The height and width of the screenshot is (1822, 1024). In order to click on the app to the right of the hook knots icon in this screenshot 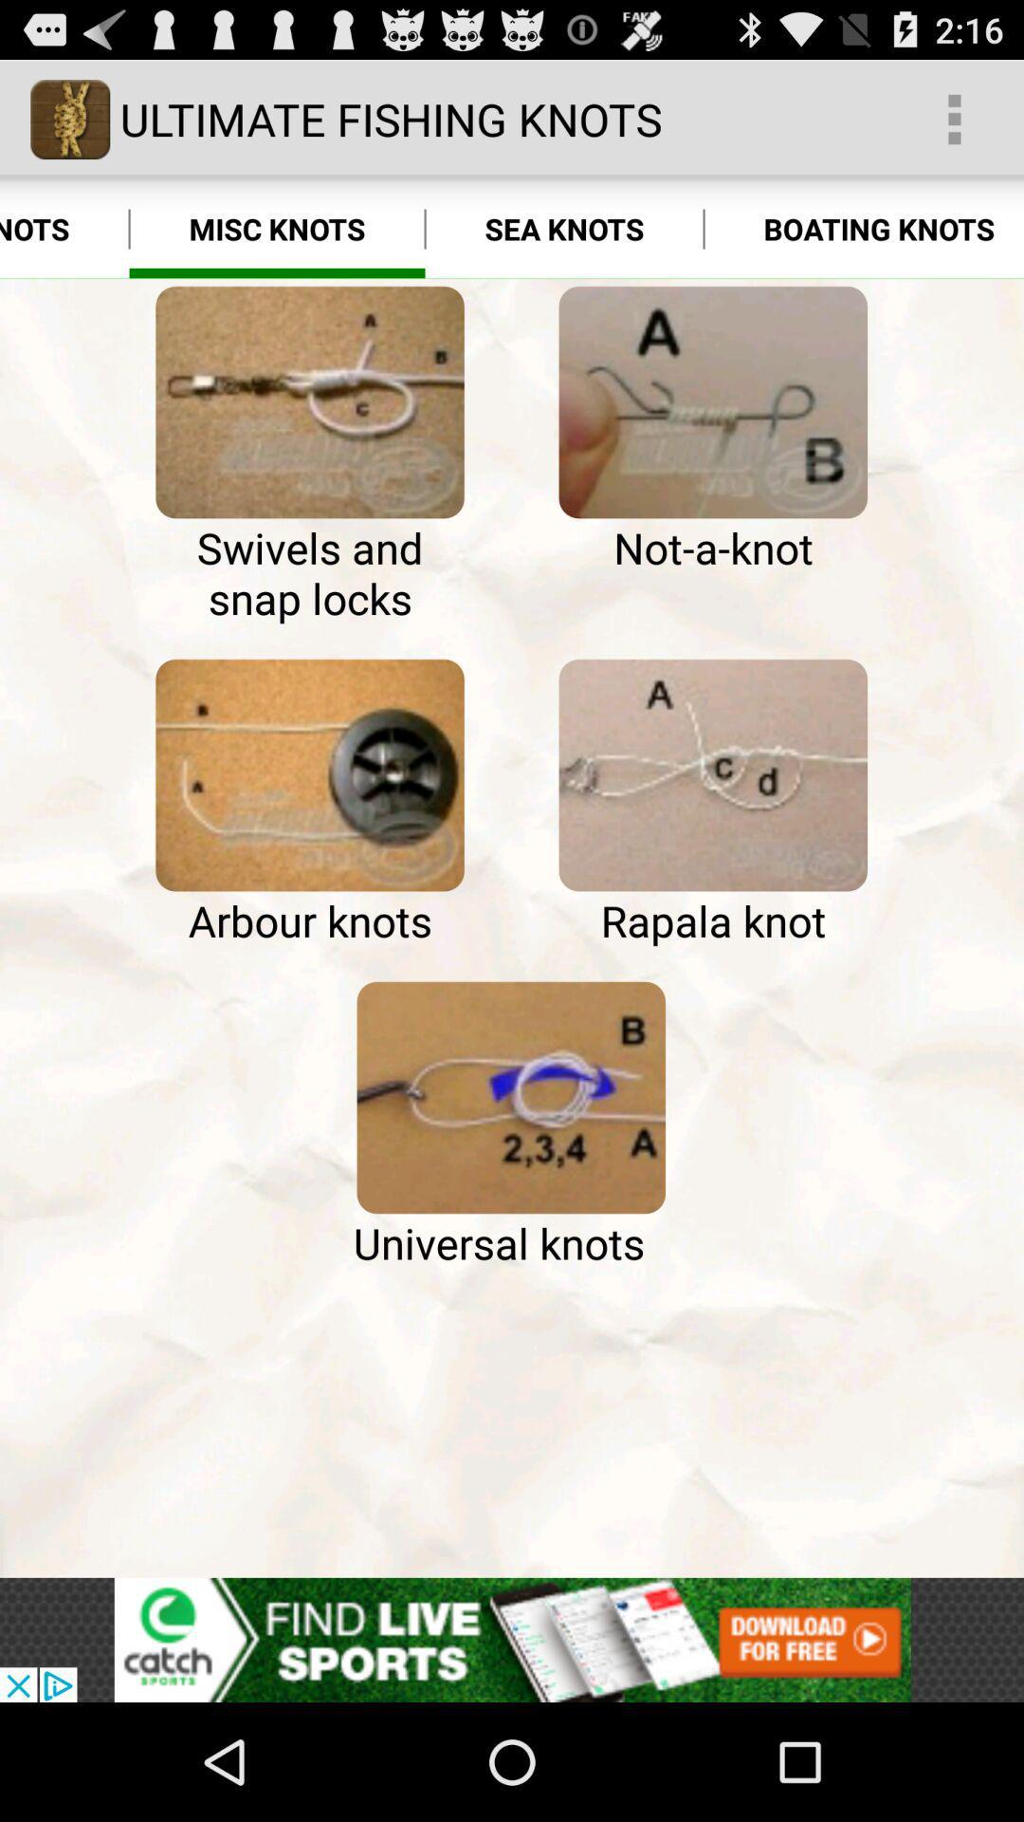, I will do `click(309, 401)`.